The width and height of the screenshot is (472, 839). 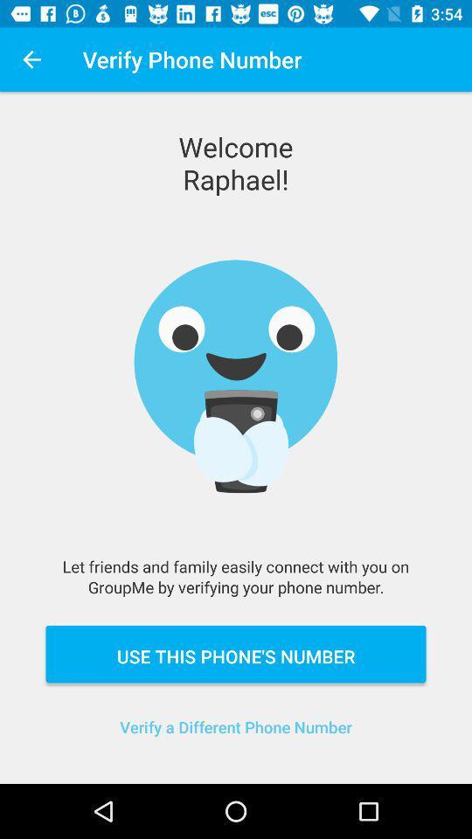 What do you see at coordinates (236, 653) in the screenshot?
I see `the icon above the verify a different icon` at bounding box center [236, 653].